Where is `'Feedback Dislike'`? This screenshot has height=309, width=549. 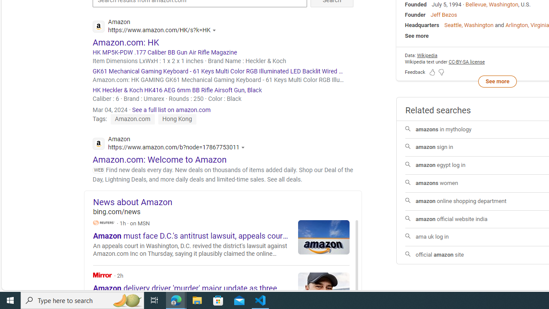 'Feedback Dislike' is located at coordinates (441, 71).